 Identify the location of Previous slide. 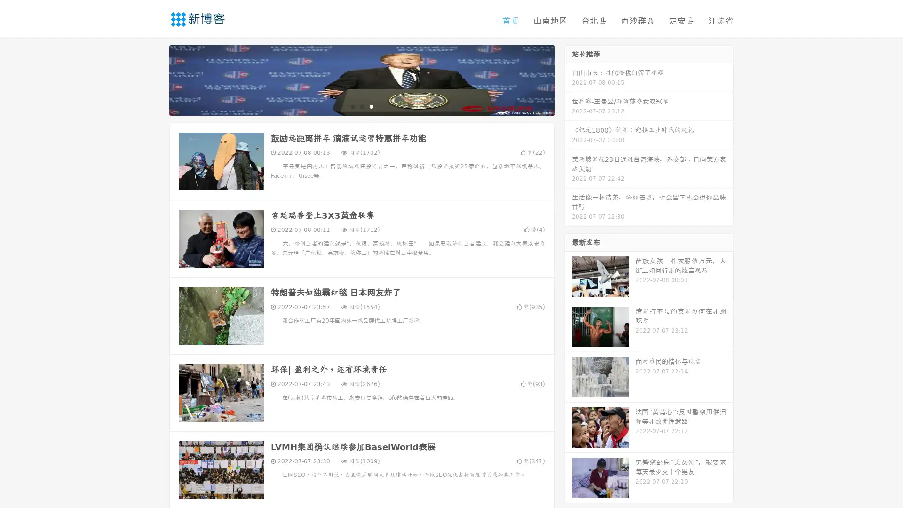
(155, 79).